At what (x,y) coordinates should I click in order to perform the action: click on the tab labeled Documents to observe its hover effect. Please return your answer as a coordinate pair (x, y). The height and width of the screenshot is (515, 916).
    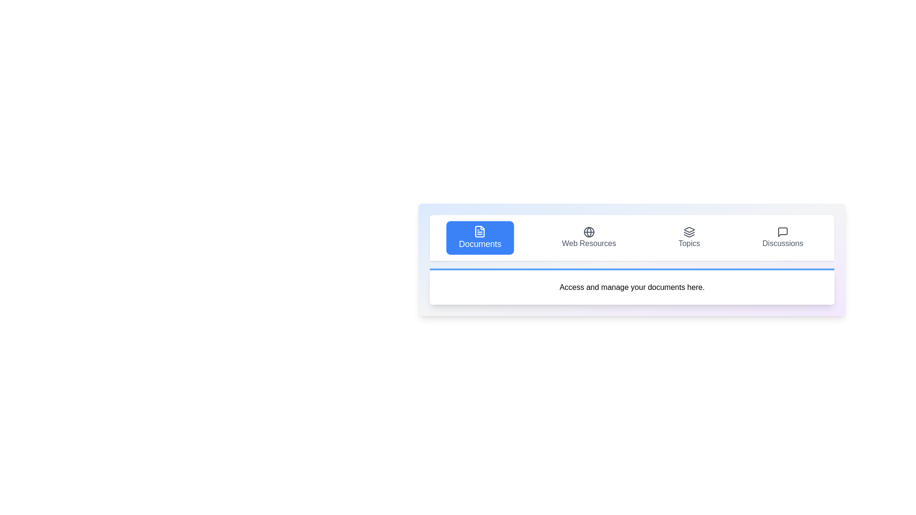
    Looking at the image, I should click on (480, 237).